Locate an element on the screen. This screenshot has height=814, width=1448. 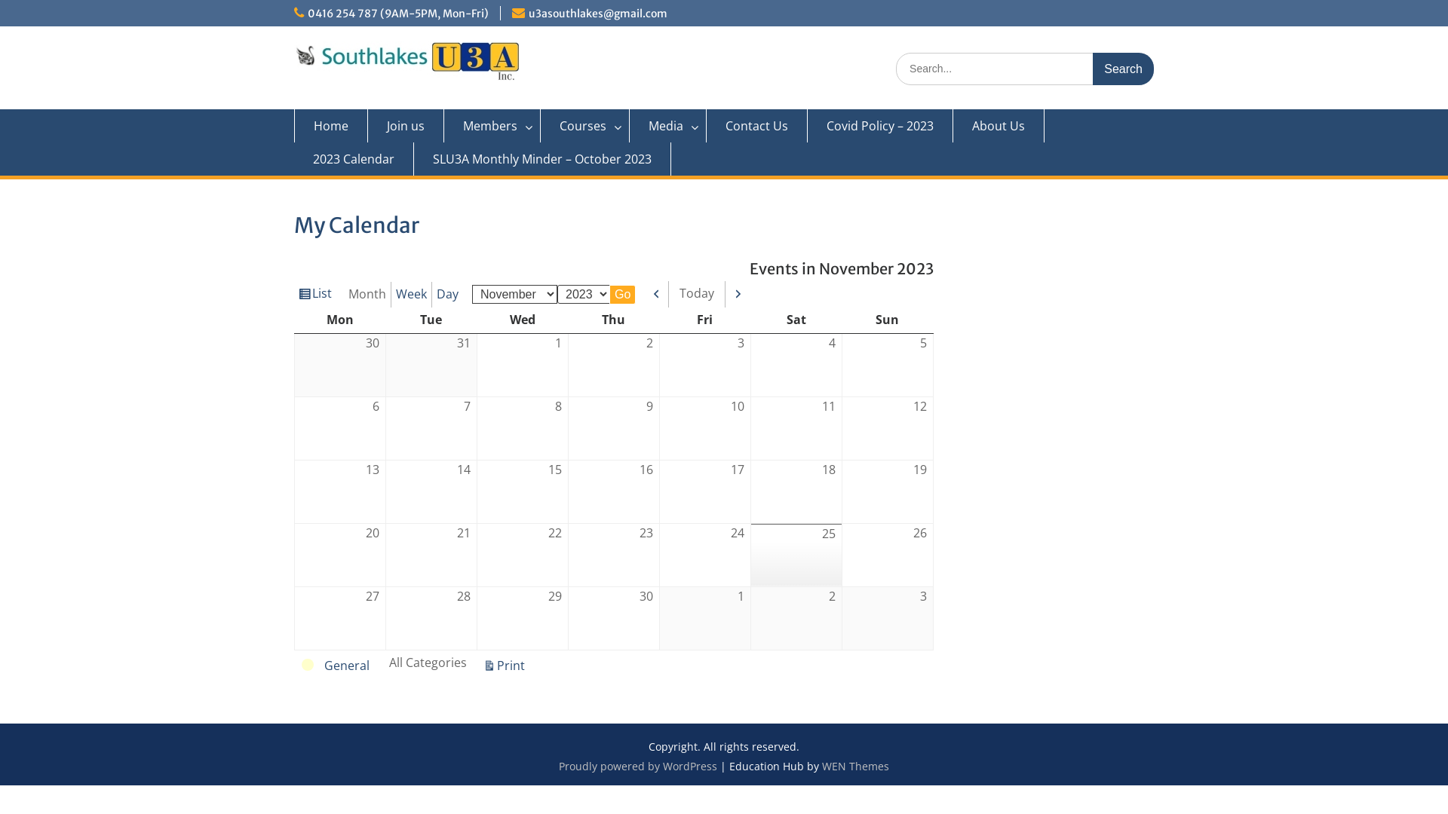
'0416 254 787 (9AM-5PM, Mon-Fri)' is located at coordinates (398, 14).